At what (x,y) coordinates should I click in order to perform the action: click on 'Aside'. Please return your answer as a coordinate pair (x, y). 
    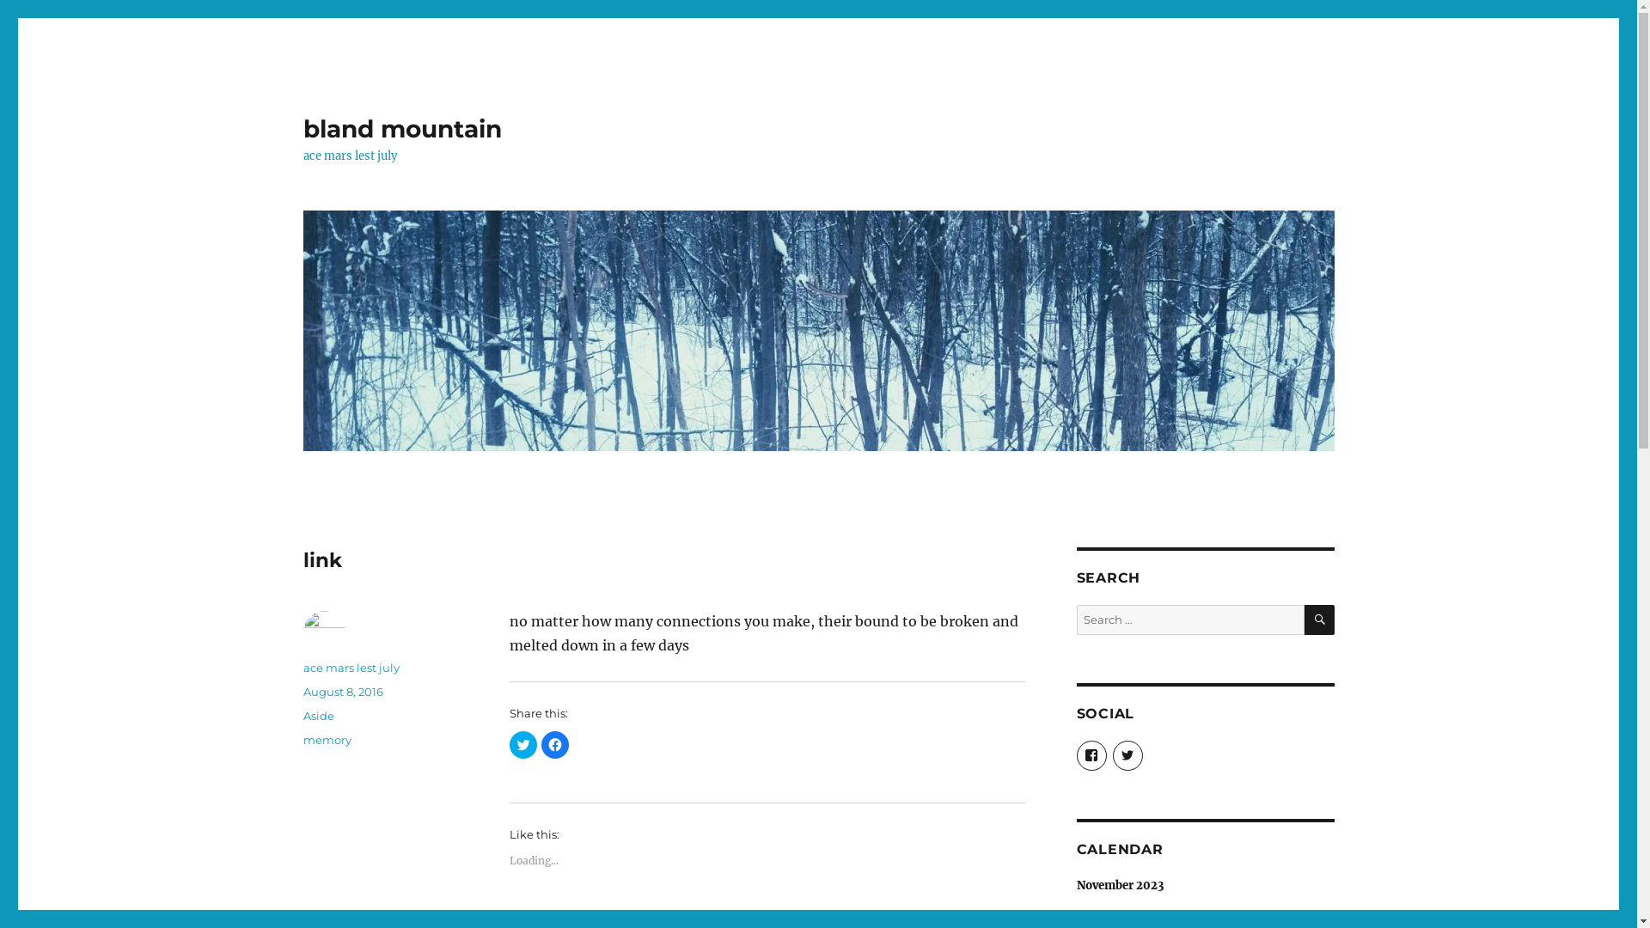
    Looking at the image, I should click on (302, 716).